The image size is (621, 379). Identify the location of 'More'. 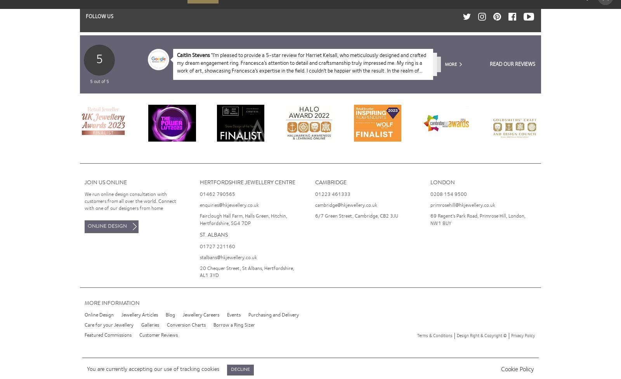
(451, 64).